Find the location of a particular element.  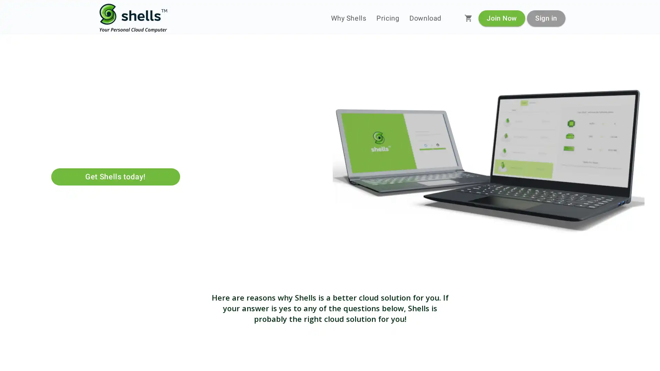

Download is located at coordinates (425, 18).